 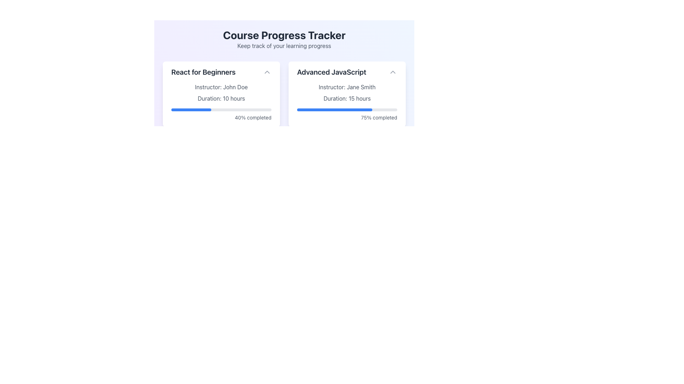 I want to click on text displayed in the Text Display element that shows the duration of the course, located below 'Instructor: John Doe' and above the progress bar, so click(x=221, y=98).